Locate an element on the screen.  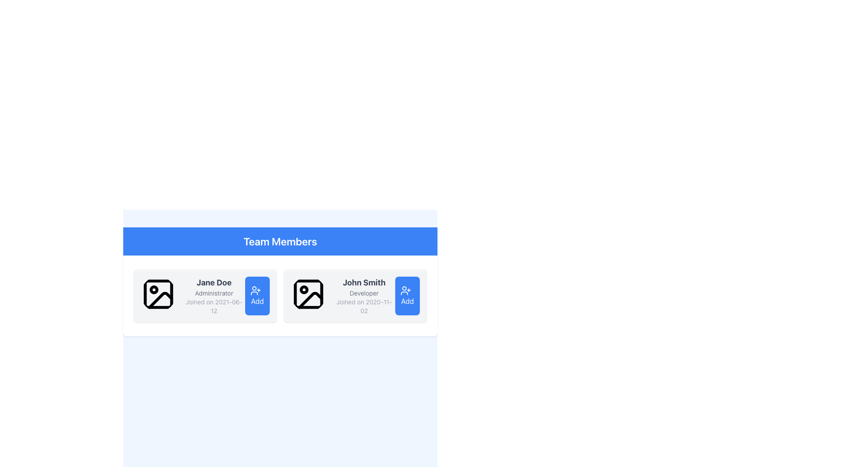
the Text Label element that states 'Joined on 2020-11-02', which is styled in a smaller gray font and positioned beneath the name 'John Smith' and role 'Developer' on the profile card is located at coordinates (364, 306).